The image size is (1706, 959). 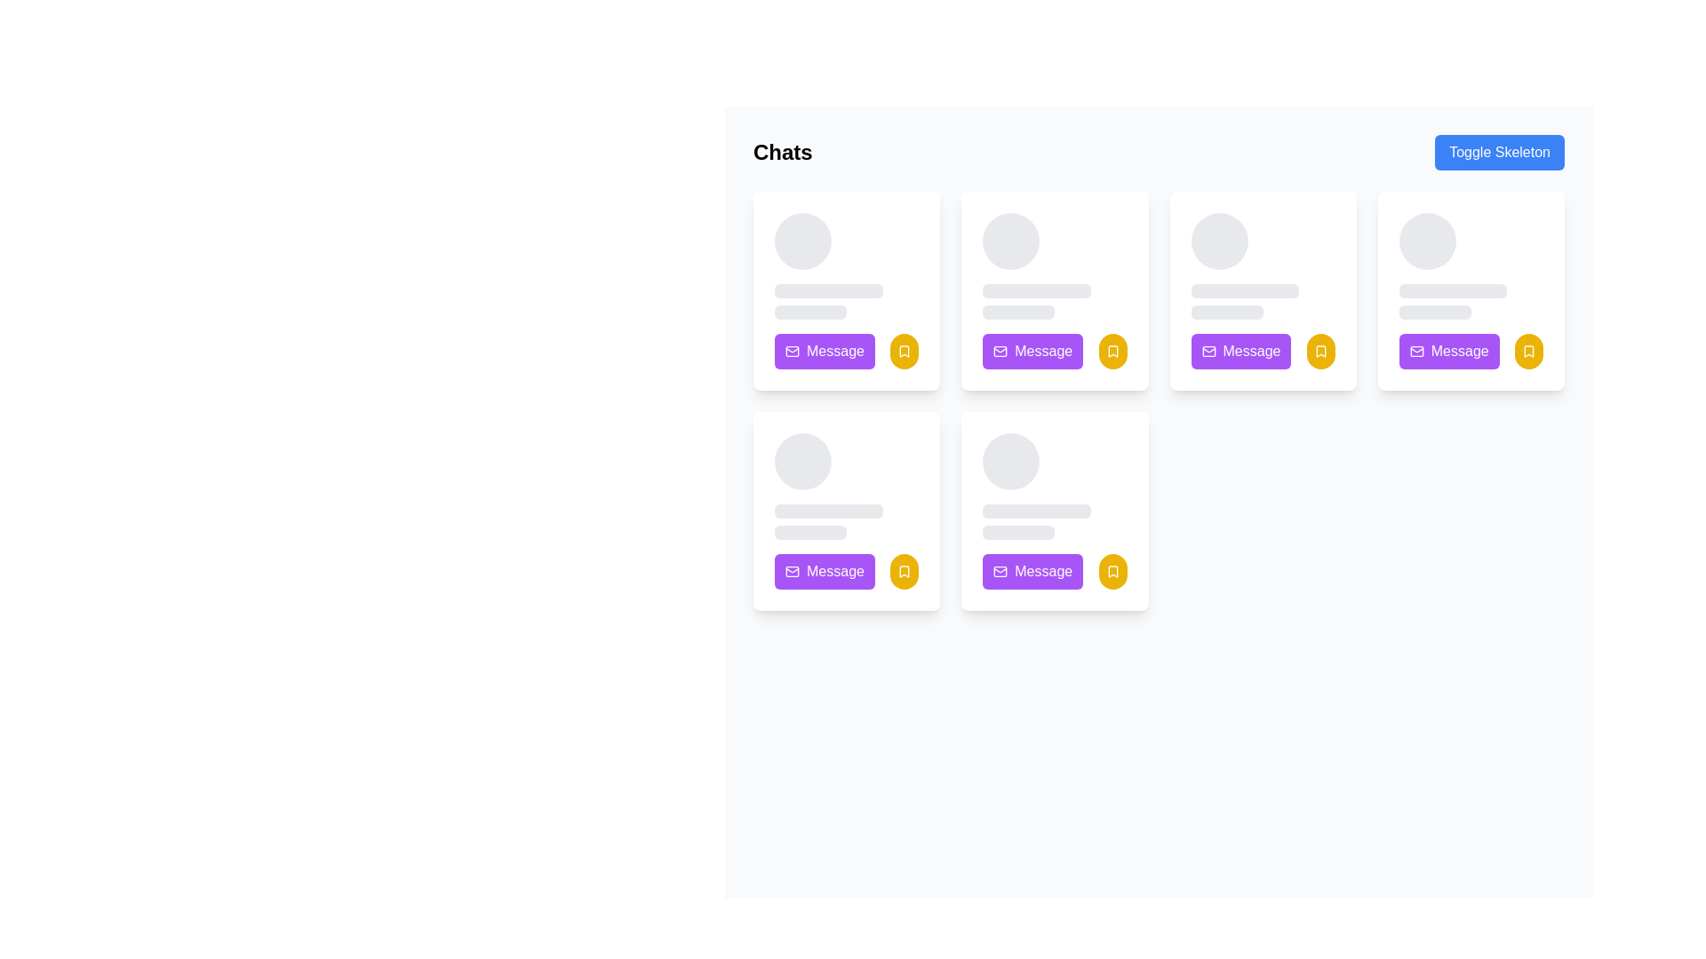 I want to click on the circular button with a yellow background and a white bookmark icon, located in the second column of the top row in a grid of card components, so click(x=1112, y=352).